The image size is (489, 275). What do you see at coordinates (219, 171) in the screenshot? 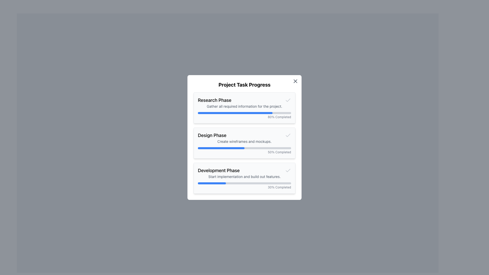
I see `the text element displaying 'Development Phase', which is the left-aligned title of the third list item in a vertical arrangement of phases, located below 'Research Phase' and 'Design Phase'` at bounding box center [219, 171].